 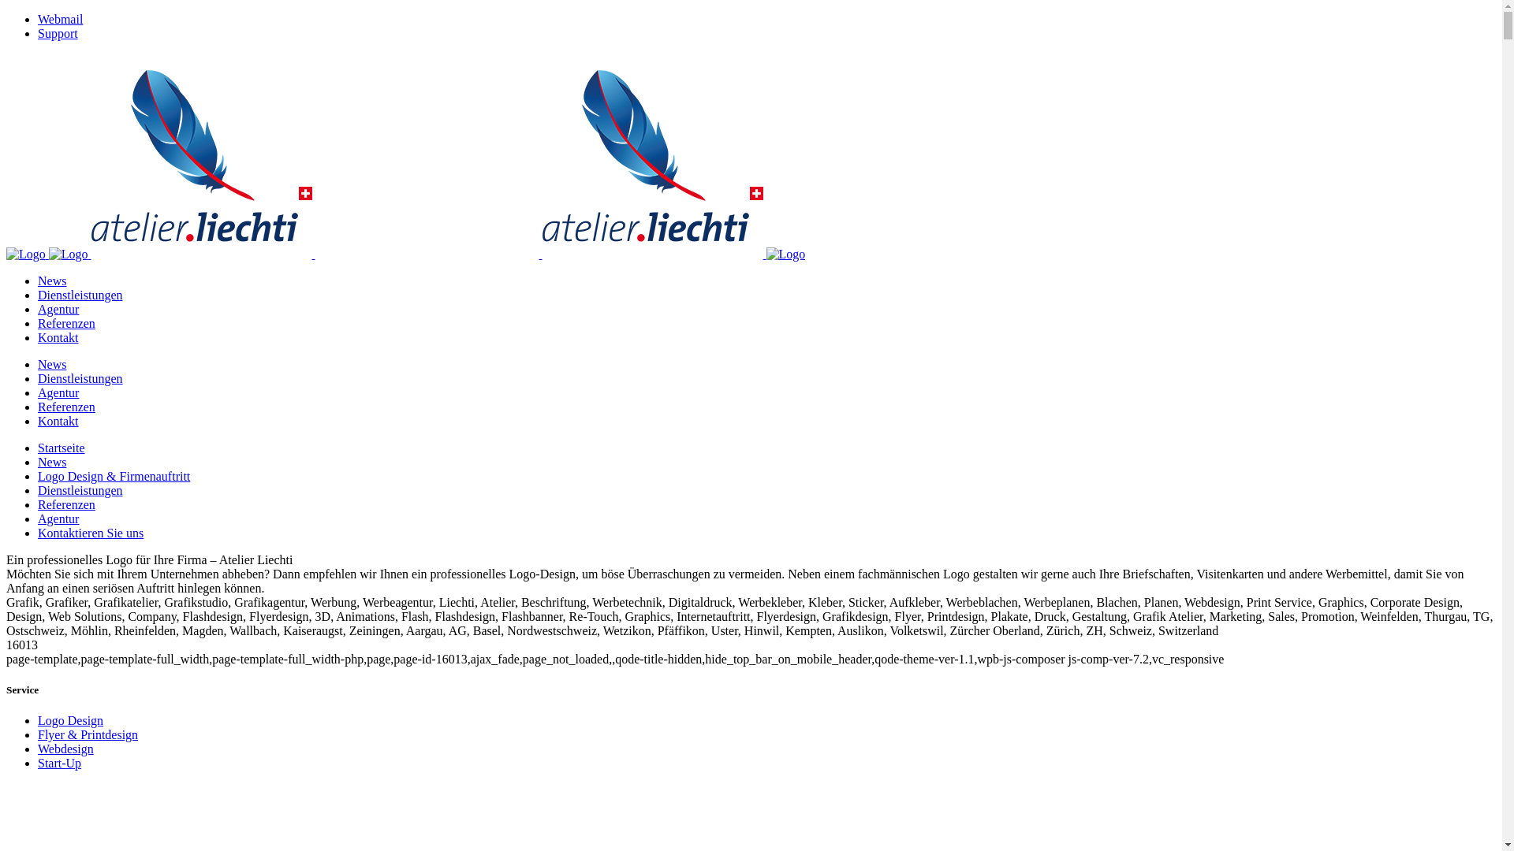 I want to click on 'Kontaktieren Sie uns', so click(x=38, y=532).